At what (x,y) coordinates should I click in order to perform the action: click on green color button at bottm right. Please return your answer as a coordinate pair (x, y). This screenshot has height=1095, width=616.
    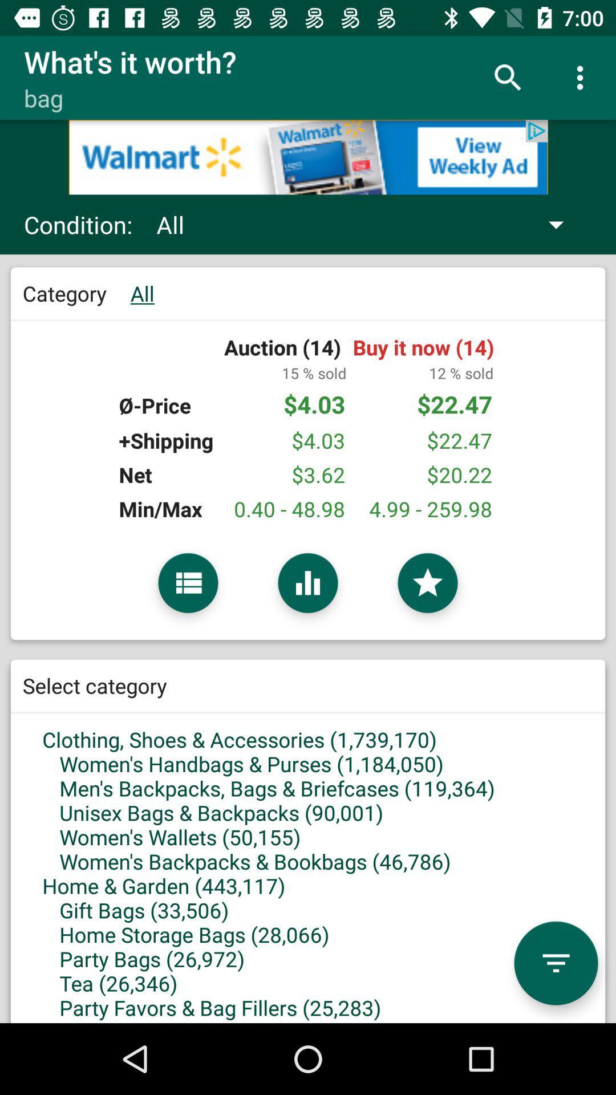
    Looking at the image, I should click on (556, 963).